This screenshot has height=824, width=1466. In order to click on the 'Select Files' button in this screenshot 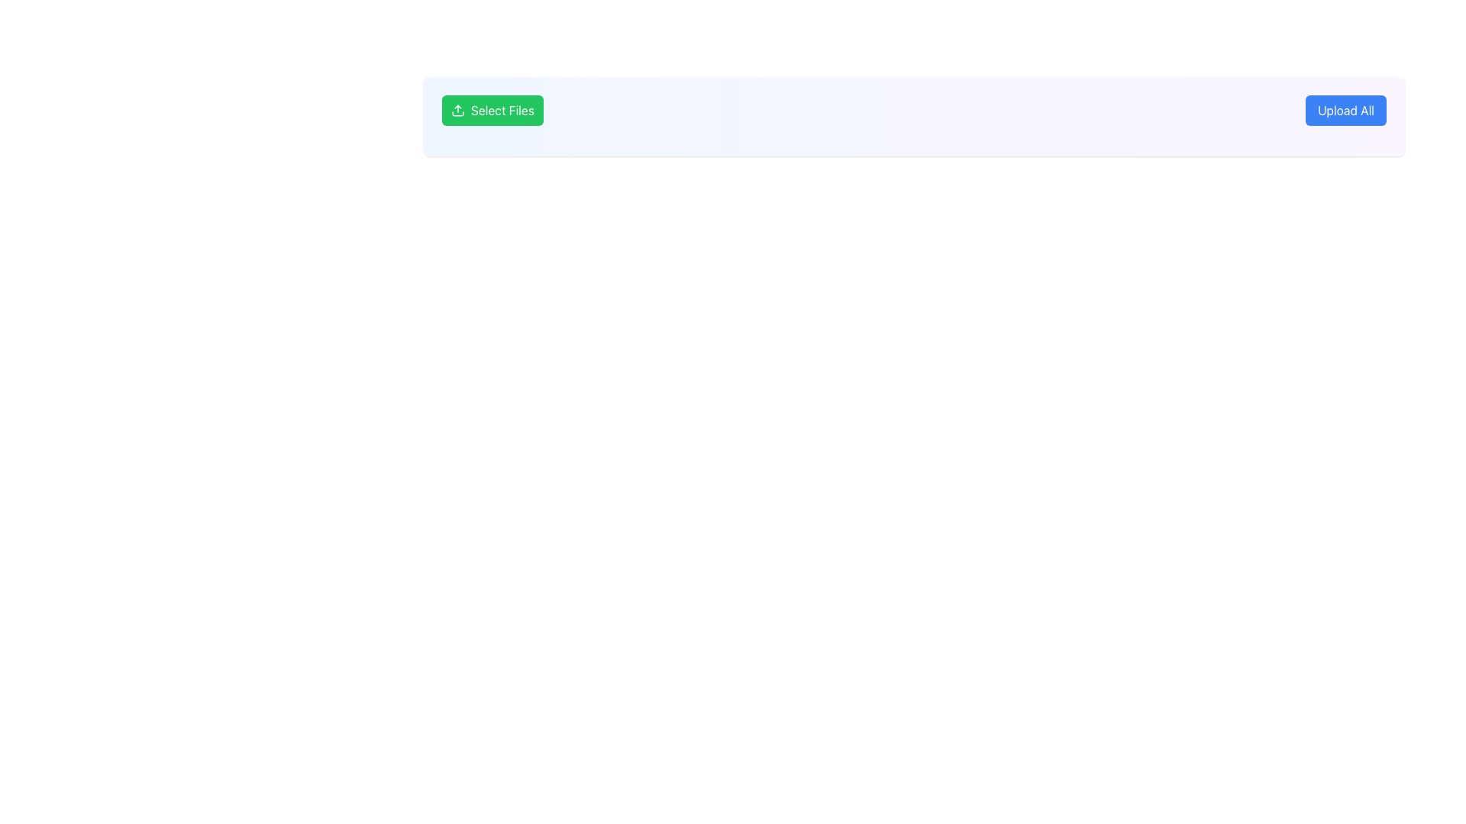, I will do `click(492, 110)`.